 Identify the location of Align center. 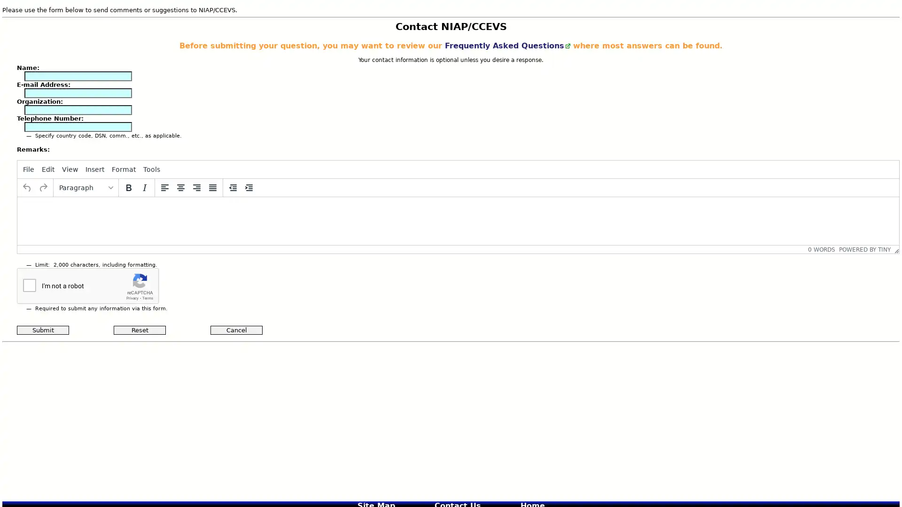
(180, 188).